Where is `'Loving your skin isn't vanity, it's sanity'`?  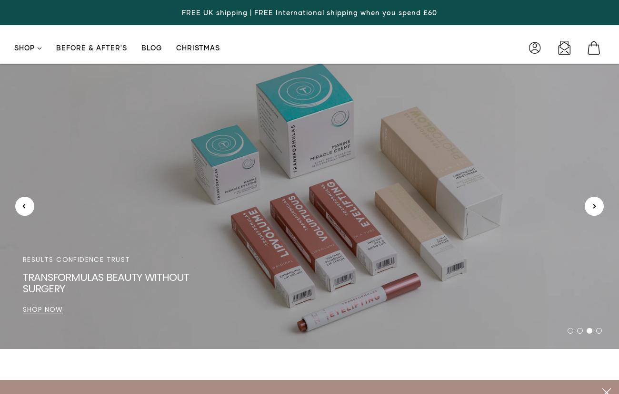
'Loving your skin isn't vanity, it's sanity' is located at coordinates (106, 282).